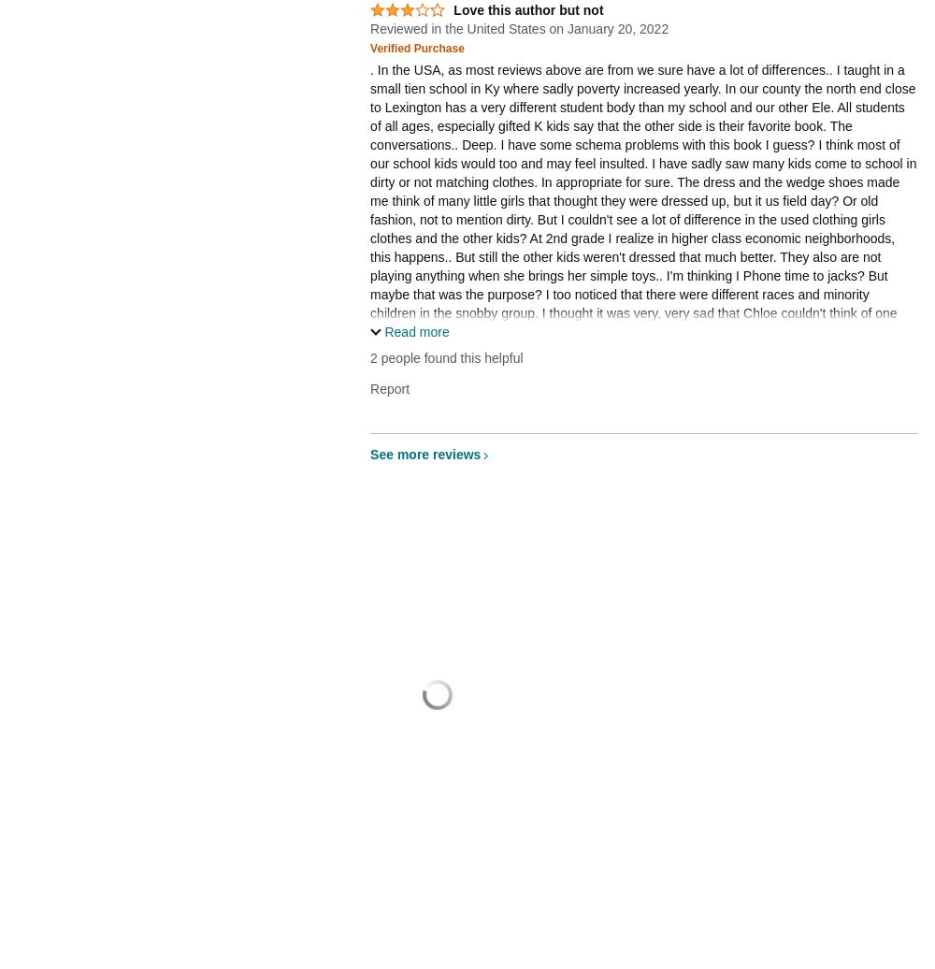  Describe the element at coordinates (453, 9) in the screenshot. I see `'Love this author but not'` at that location.